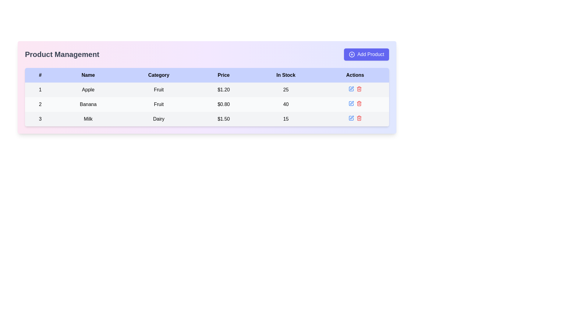 The height and width of the screenshot is (329, 585). Describe the element at coordinates (352, 54) in the screenshot. I see `properties of the 'Add Product' button icon located at the top-right corner of the interface with a purple background` at that location.